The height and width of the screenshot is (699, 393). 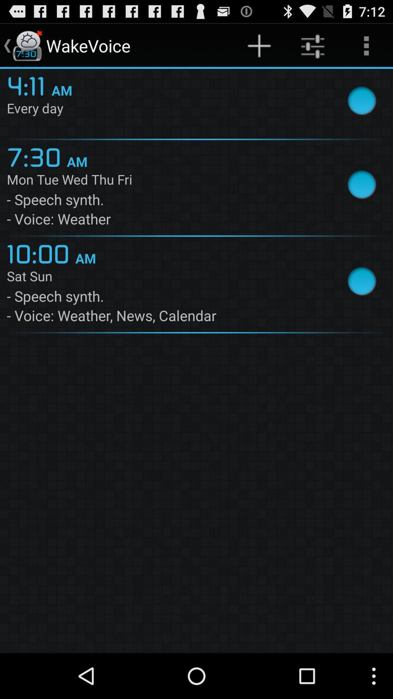 What do you see at coordinates (37, 155) in the screenshot?
I see `the app above the mon tue wed icon` at bounding box center [37, 155].